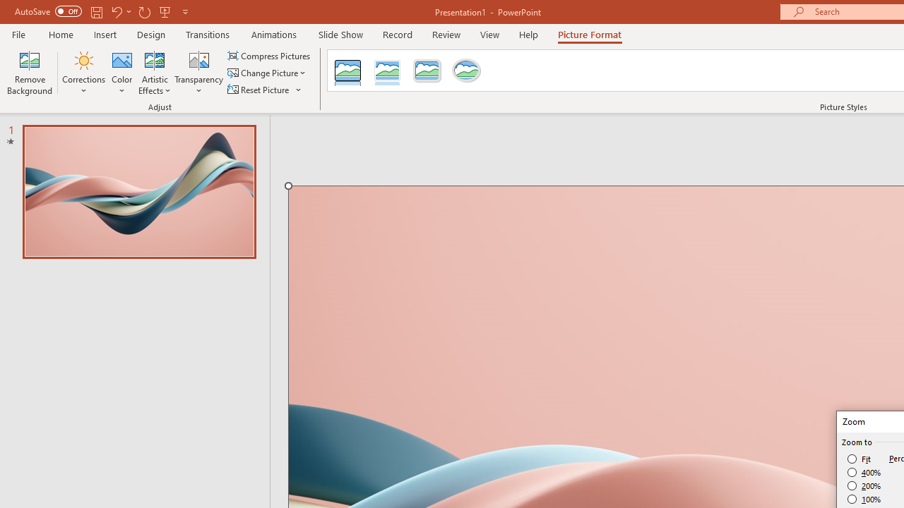  I want to click on 'Artistic Effects', so click(155, 73).